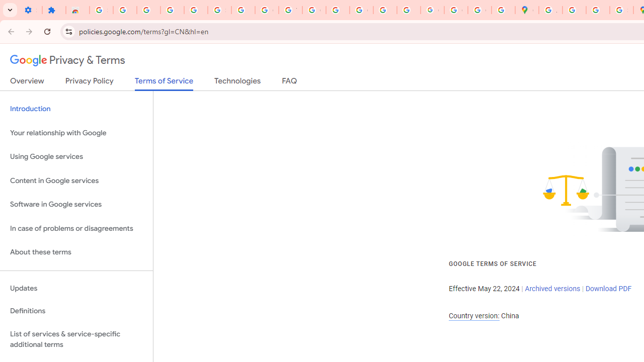  I want to click on 'Software in Google services', so click(76, 204).